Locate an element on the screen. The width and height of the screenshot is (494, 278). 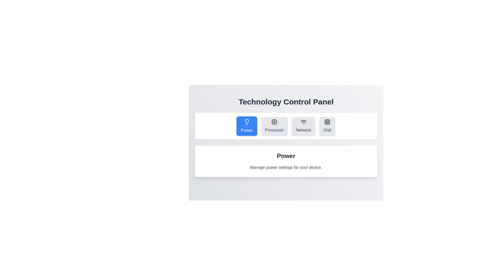
the Processor tab in the TechControlPanel is located at coordinates (274, 126).